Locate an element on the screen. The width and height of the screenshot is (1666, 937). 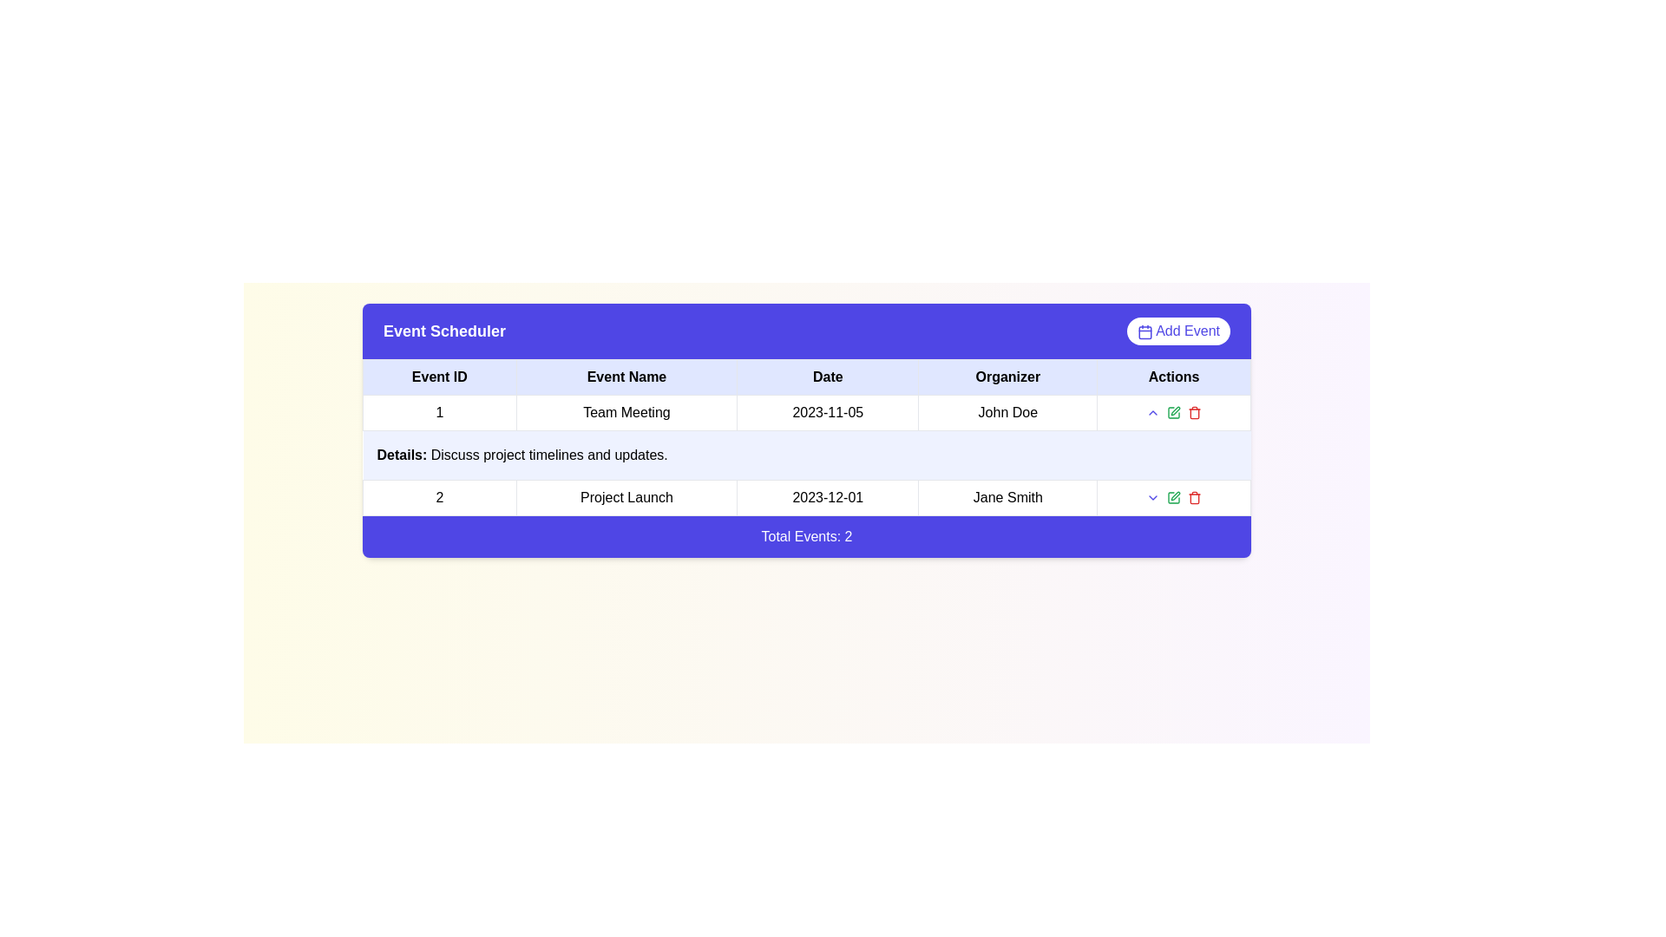
the informational text block that displays the total count of events in the table above, located at the bottom of the table structure is located at coordinates (806, 535).